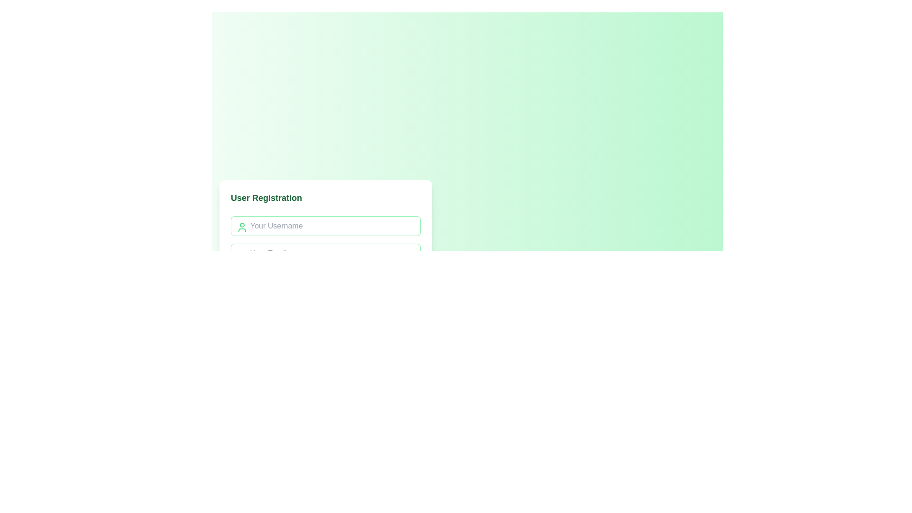 This screenshot has height=513, width=912. Describe the element at coordinates (242, 254) in the screenshot. I see `the small green mail icon styled with an outline drawing, located at the top-left corner of the email input field in the registration form layout` at that location.